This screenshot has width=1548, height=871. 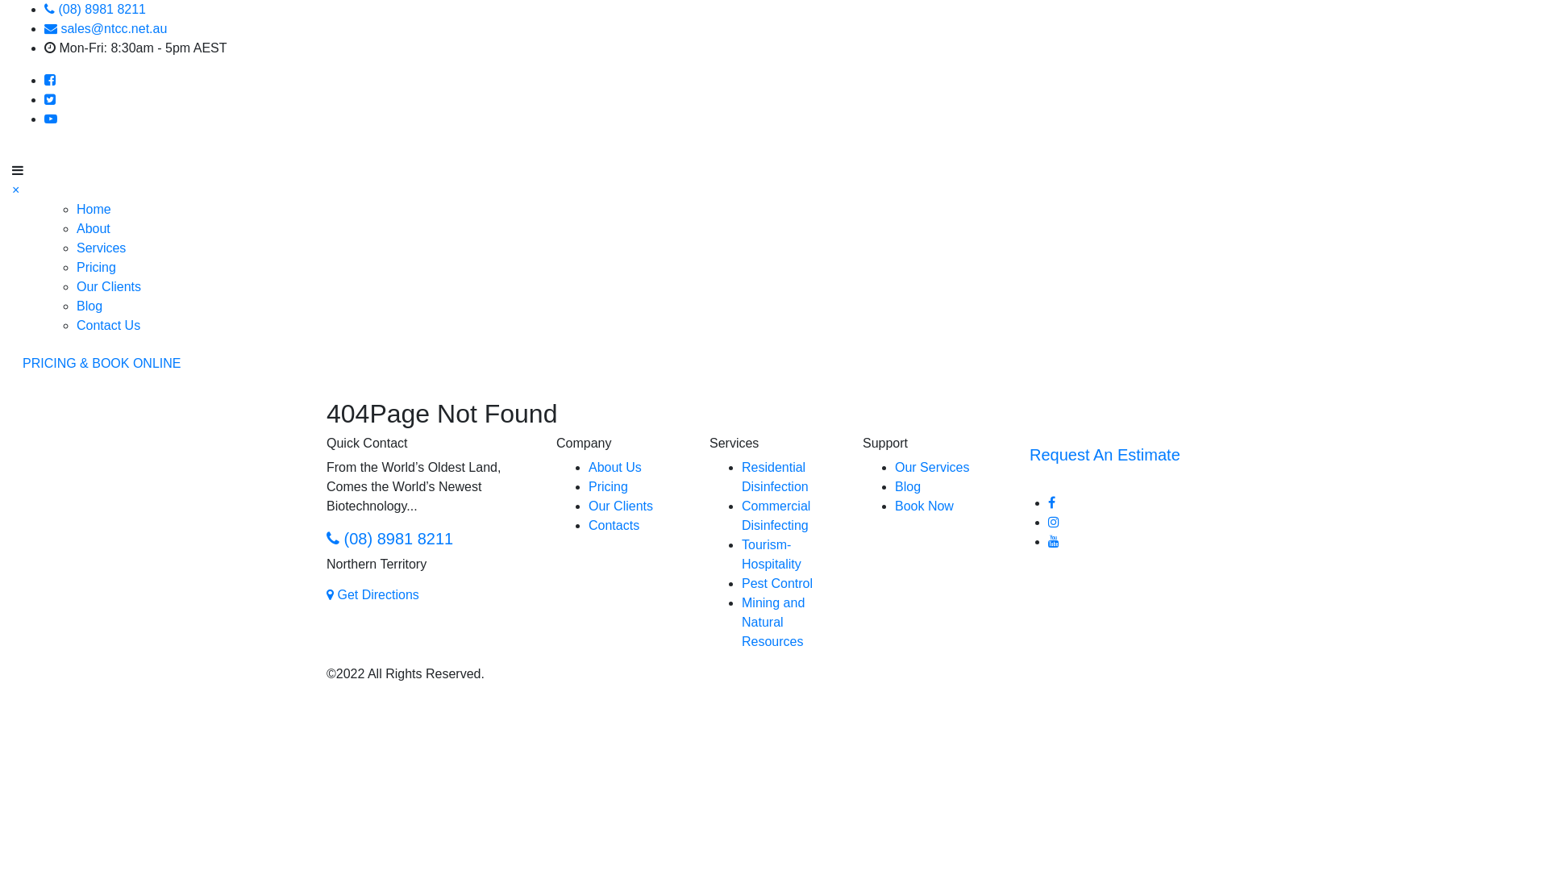 What do you see at coordinates (88, 306) in the screenshot?
I see `'Blog'` at bounding box center [88, 306].